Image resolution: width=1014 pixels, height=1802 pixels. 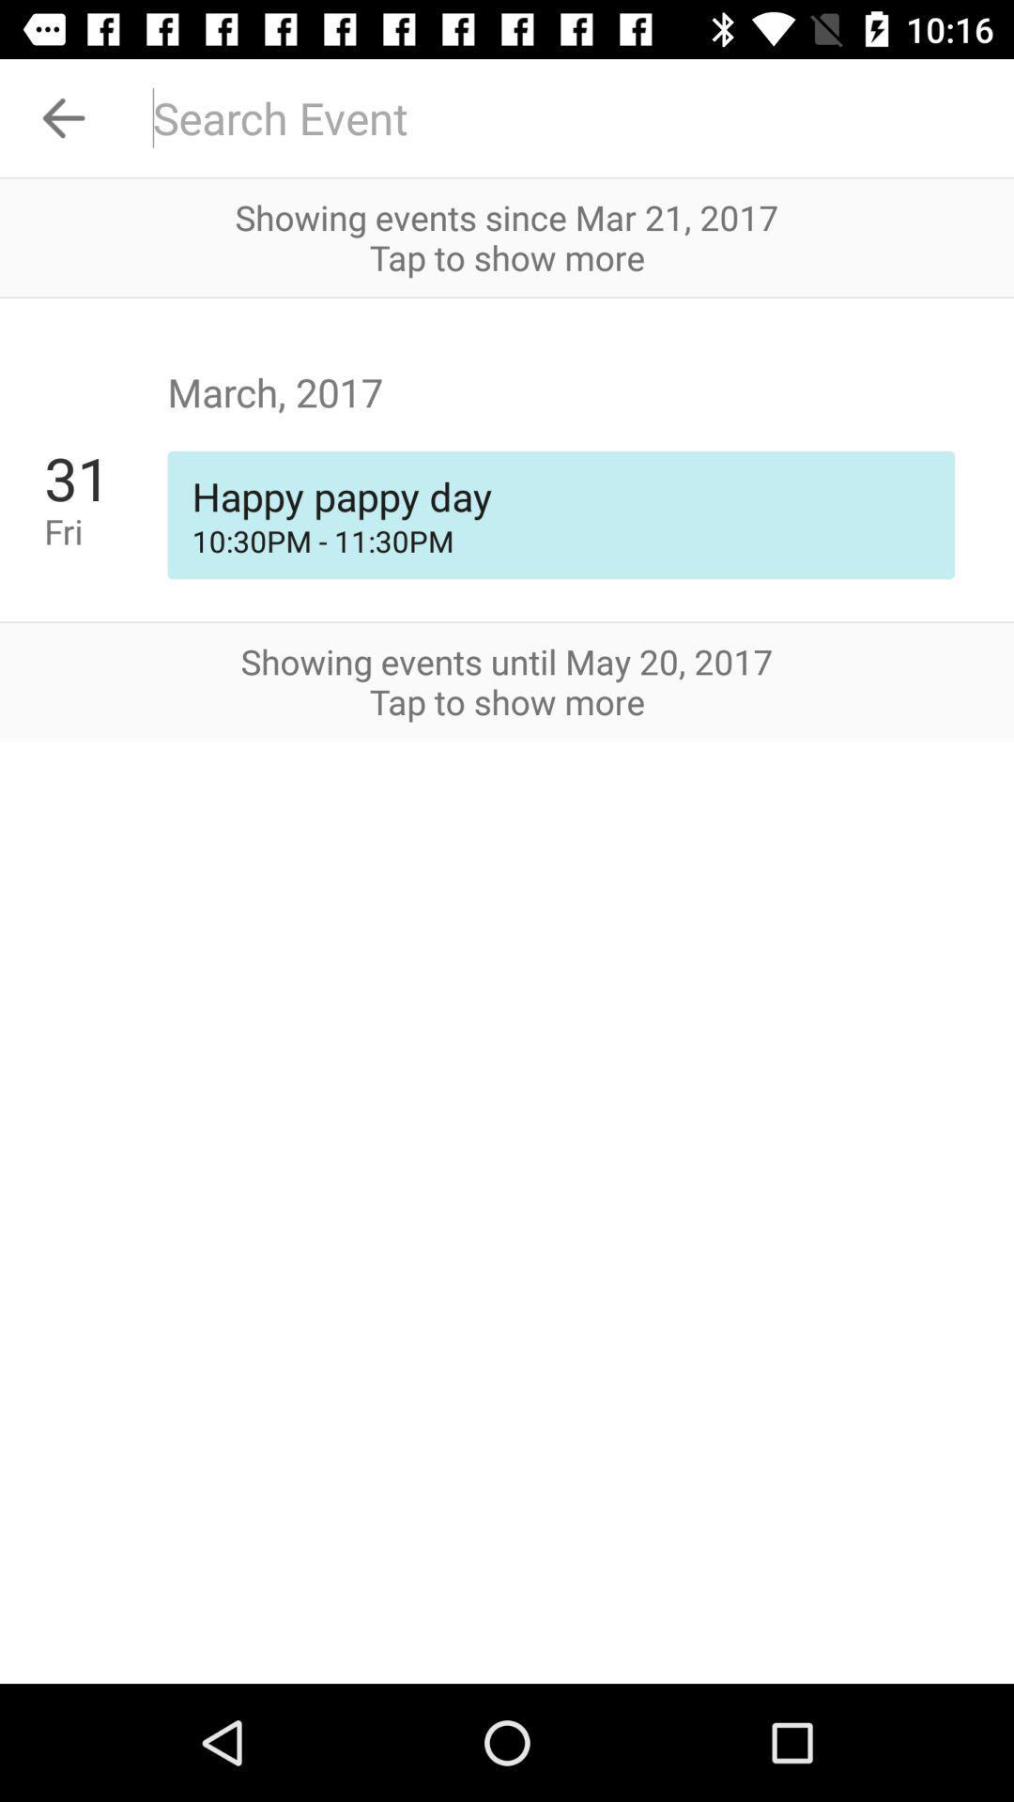 I want to click on the icon below 10 30pm 11 app, so click(x=507, y=621).